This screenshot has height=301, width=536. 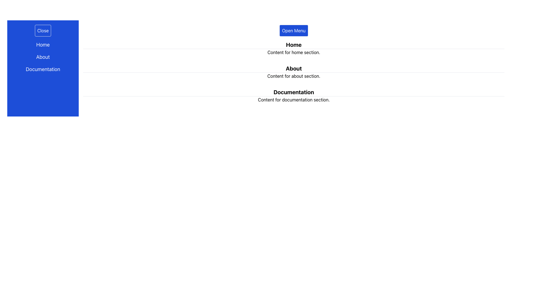 What do you see at coordinates (42, 44) in the screenshot?
I see `the 'Home' link on the blue background` at bounding box center [42, 44].